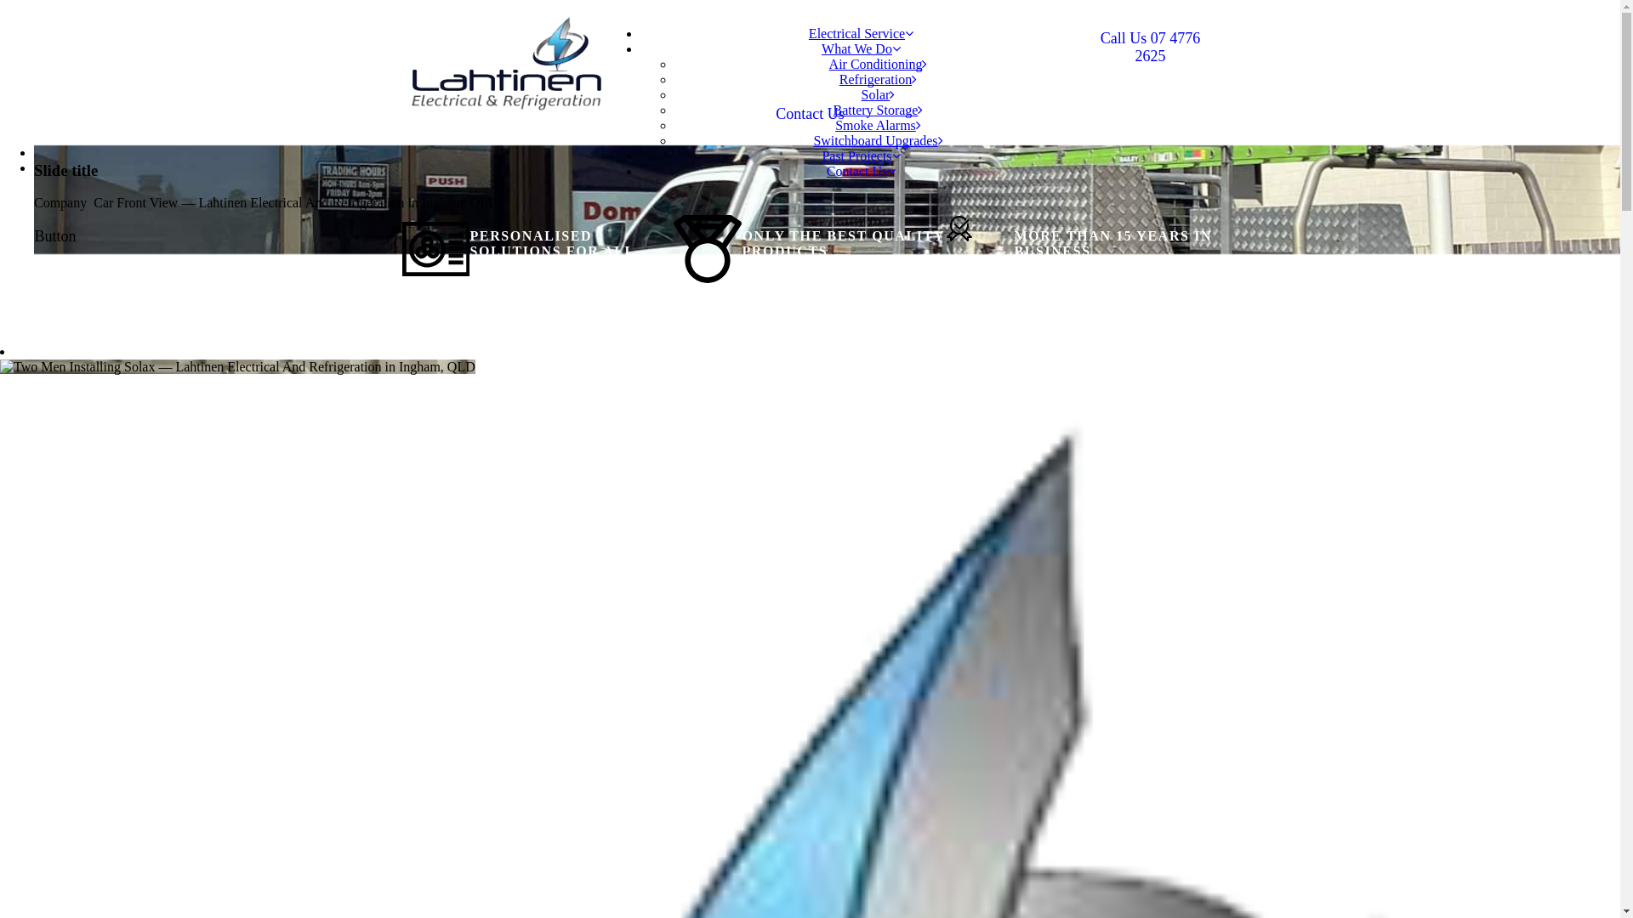  What do you see at coordinates (878, 79) in the screenshot?
I see `'Refrigeration'` at bounding box center [878, 79].